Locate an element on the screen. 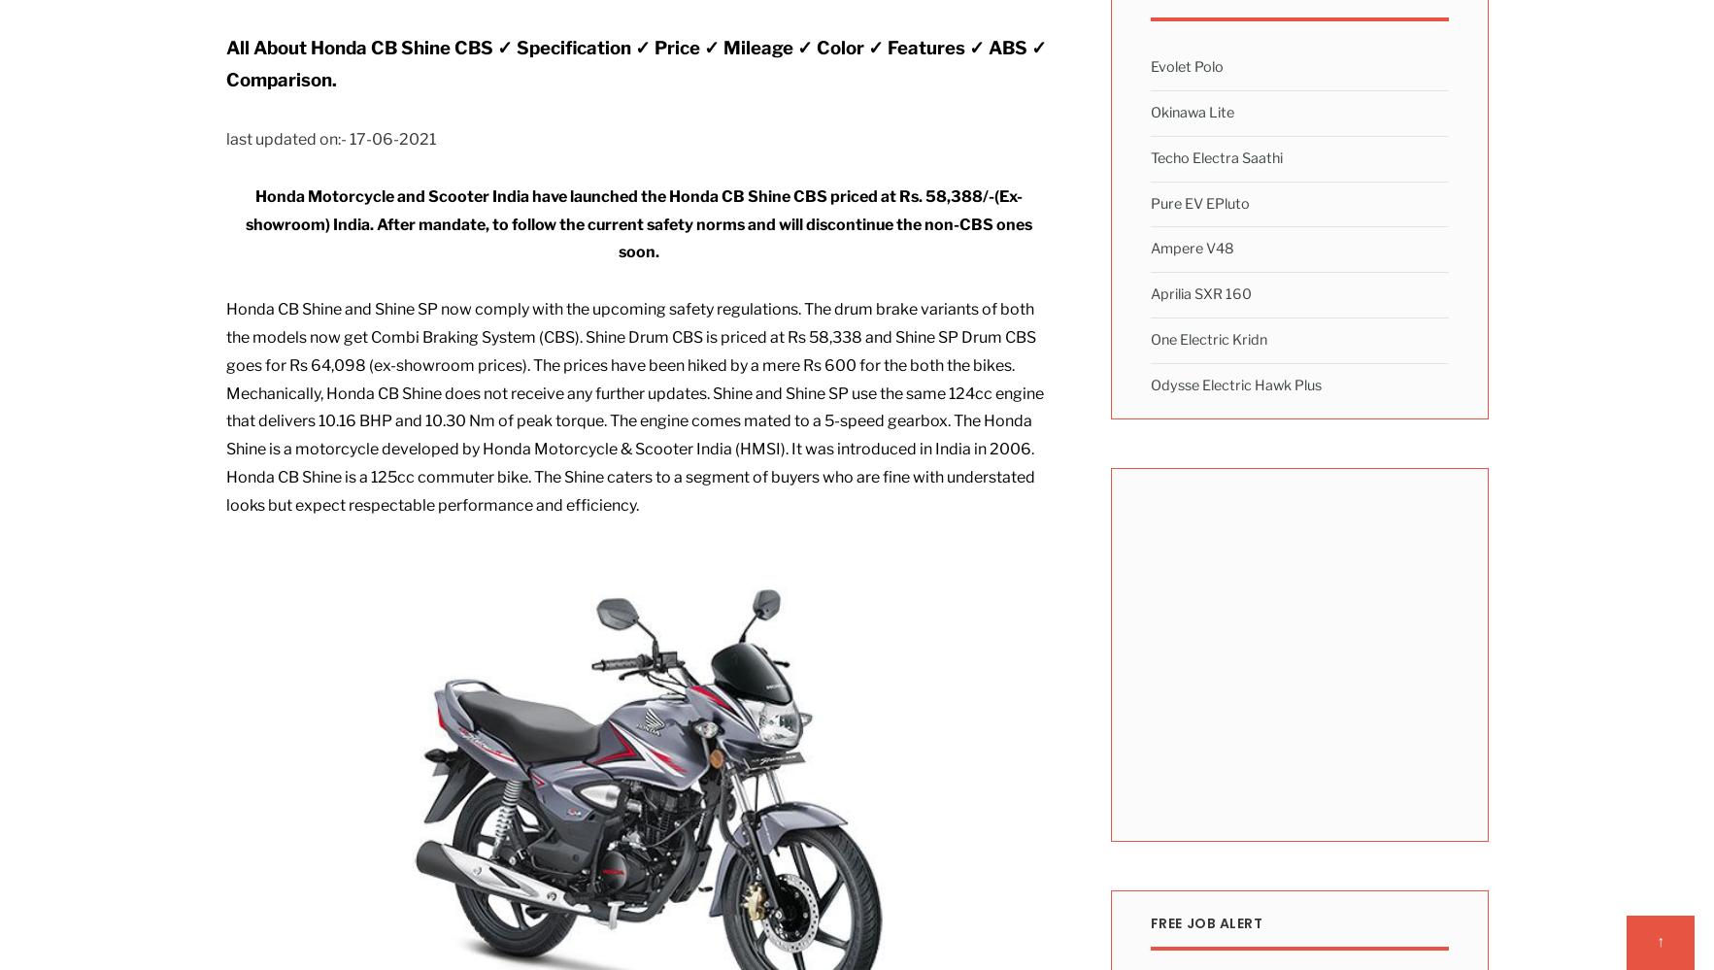 The image size is (1714, 970). 'Pure EV EPluto' is located at coordinates (1198, 201).